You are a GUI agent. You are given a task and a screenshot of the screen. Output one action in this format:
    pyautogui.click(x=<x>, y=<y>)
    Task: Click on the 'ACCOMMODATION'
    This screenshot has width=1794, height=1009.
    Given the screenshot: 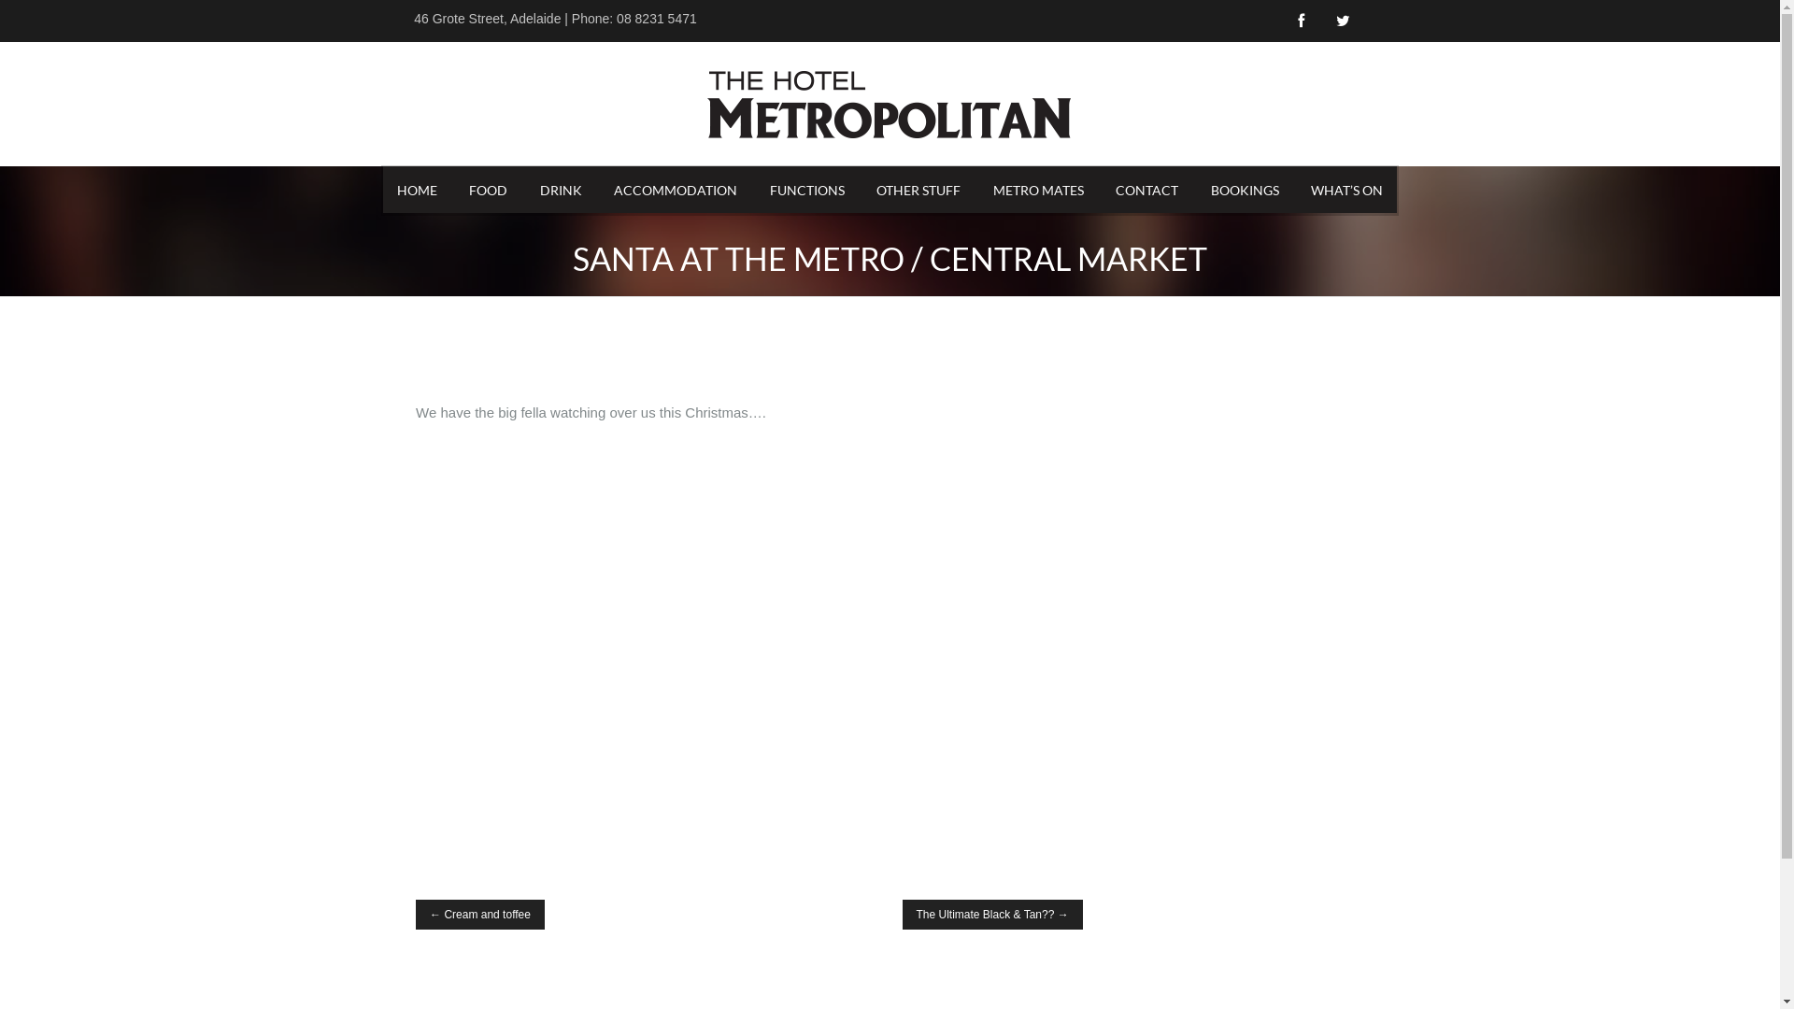 What is the action you would take?
    pyautogui.click(x=675, y=190)
    